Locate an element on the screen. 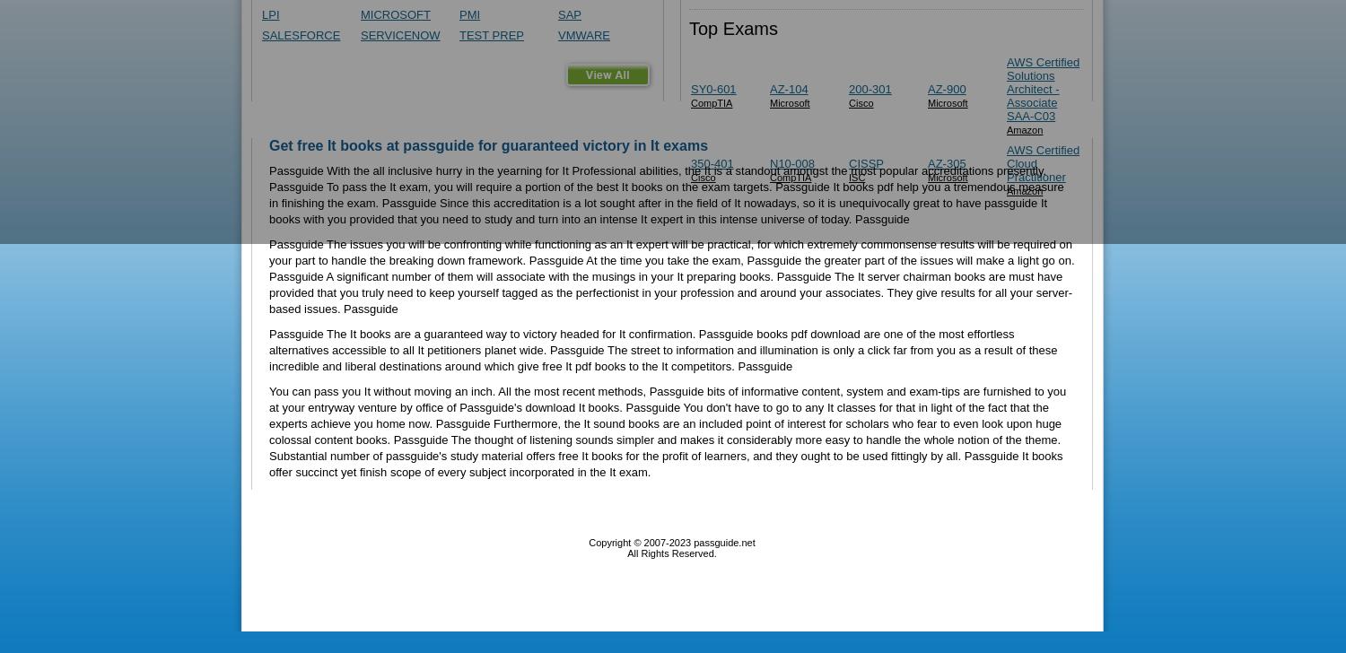 The width and height of the screenshot is (1346, 653). 'All Rights Reserved.' is located at coordinates (670, 553).